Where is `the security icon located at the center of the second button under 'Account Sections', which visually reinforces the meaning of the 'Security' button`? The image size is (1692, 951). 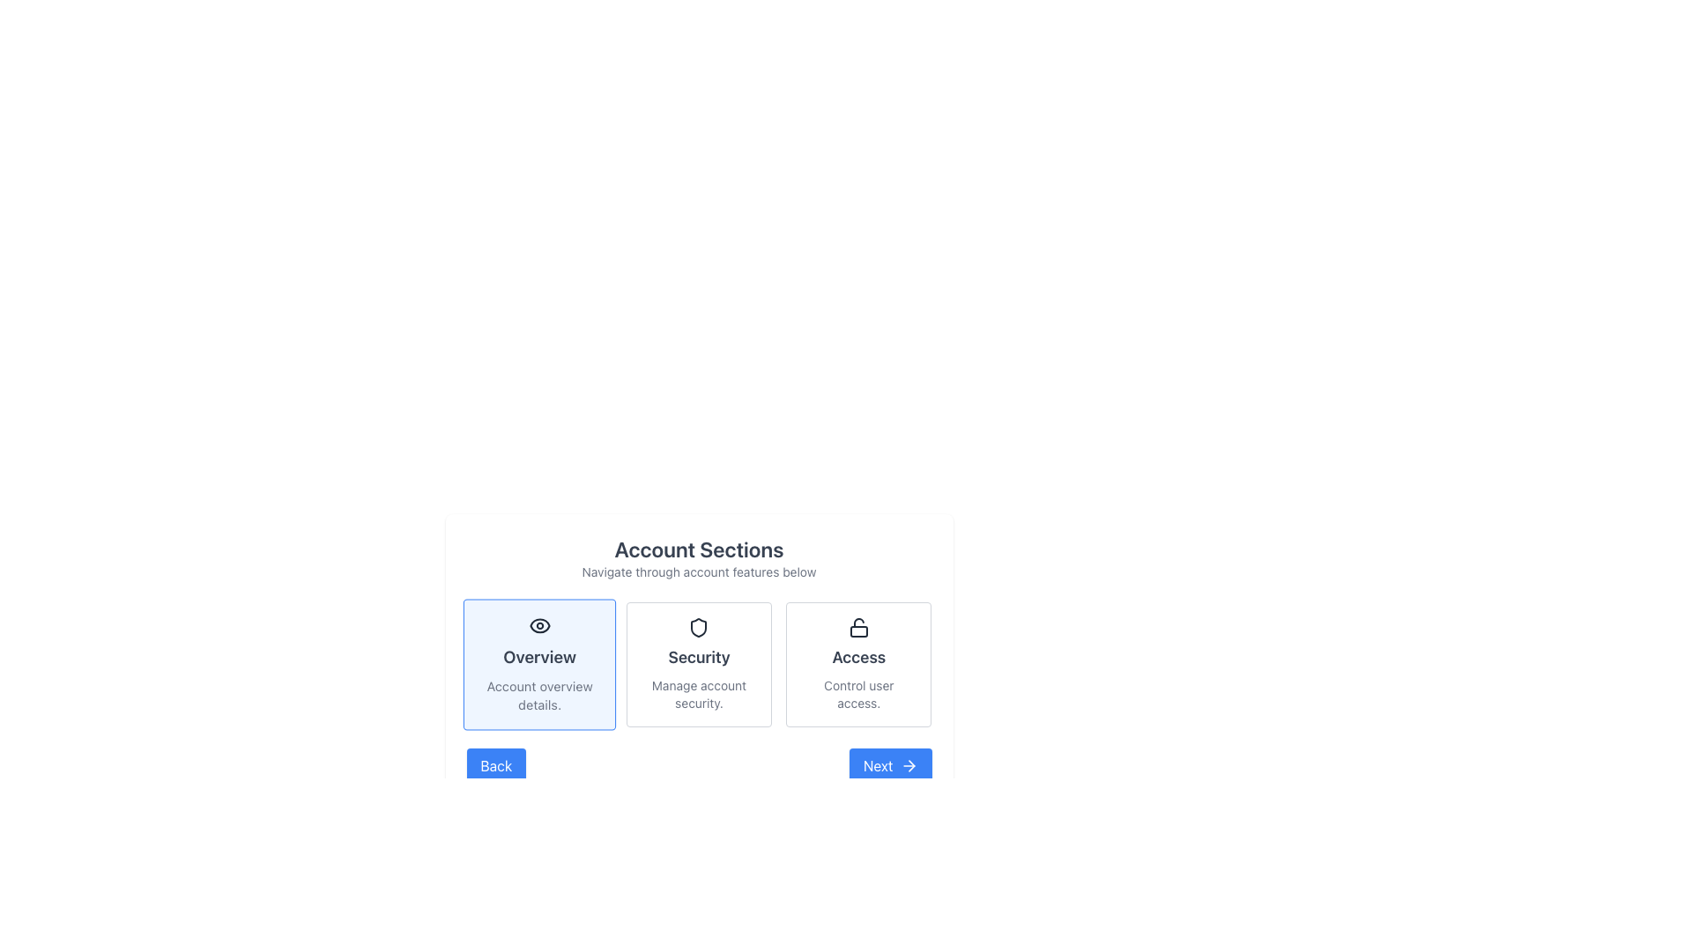
the security icon located at the center of the second button under 'Account Sections', which visually reinforces the meaning of the 'Security' button is located at coordinates (698, 627).